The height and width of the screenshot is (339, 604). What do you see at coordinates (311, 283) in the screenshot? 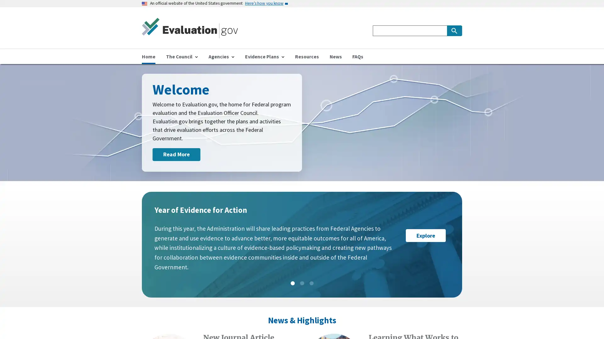
I see `Slide: 3` at bounding box center [311, 283].